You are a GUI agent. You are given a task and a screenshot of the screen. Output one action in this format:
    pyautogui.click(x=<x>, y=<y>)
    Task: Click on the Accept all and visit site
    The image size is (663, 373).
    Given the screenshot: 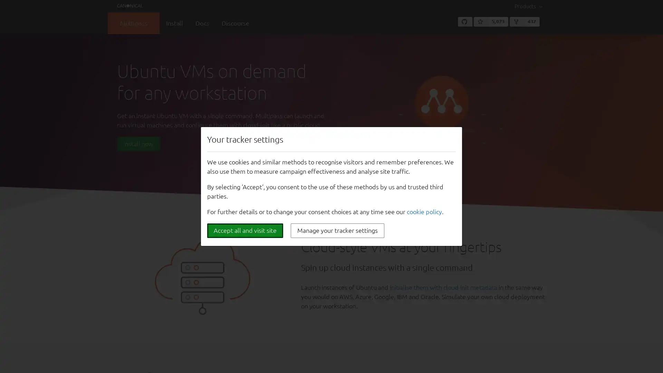 What is the action you would take?
    pyautogui.click(x=245, y=230)
    